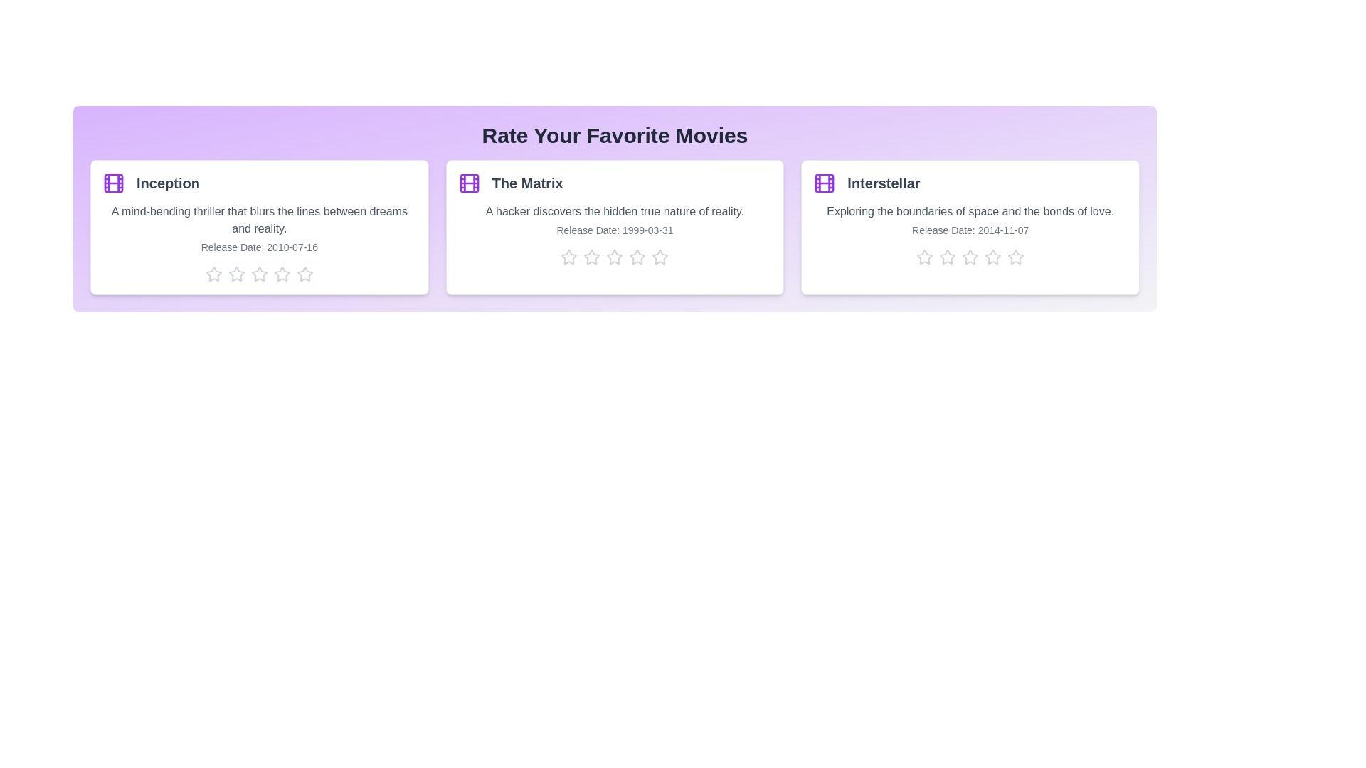  Describe the element at coordinates (569, 257) in the screenshot. I see `the star corresponding to 1 stars for the movie The Matrix` at that location.